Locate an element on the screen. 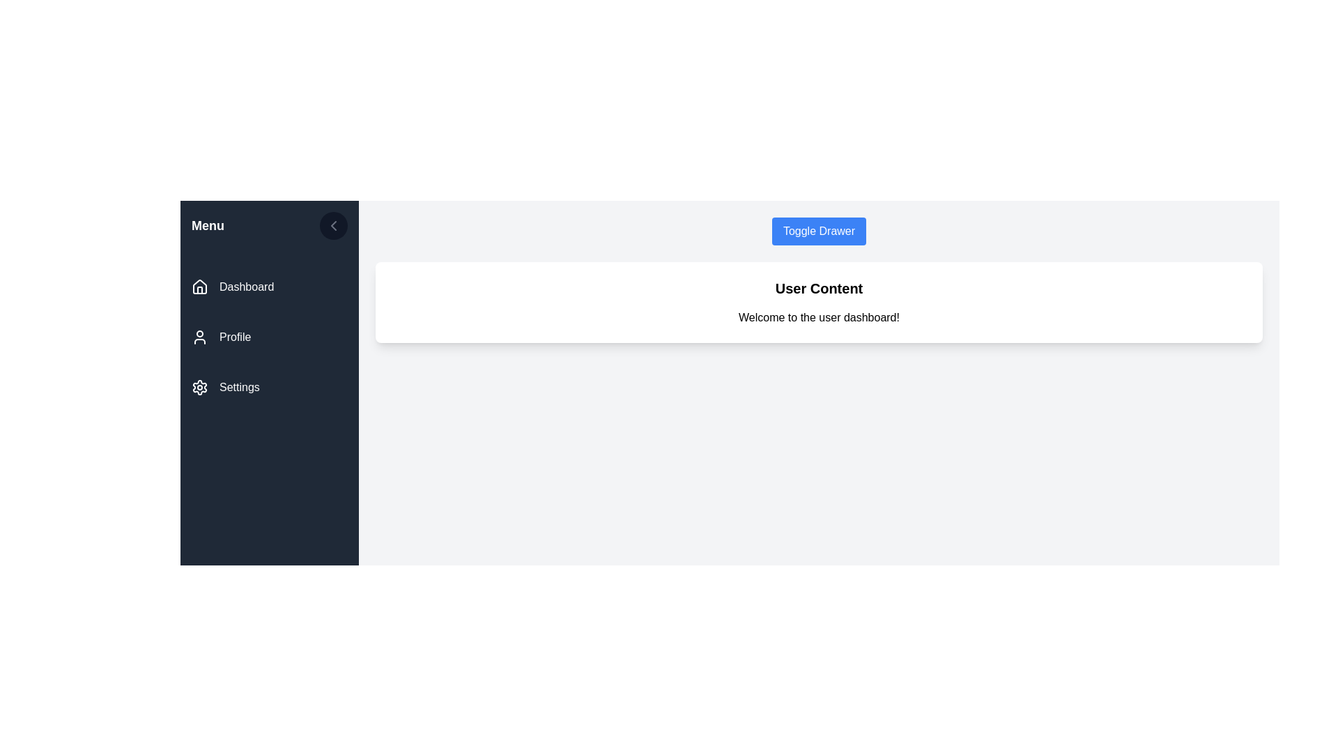  the second item in the Navigation menu is located at coordinates (270, 337).